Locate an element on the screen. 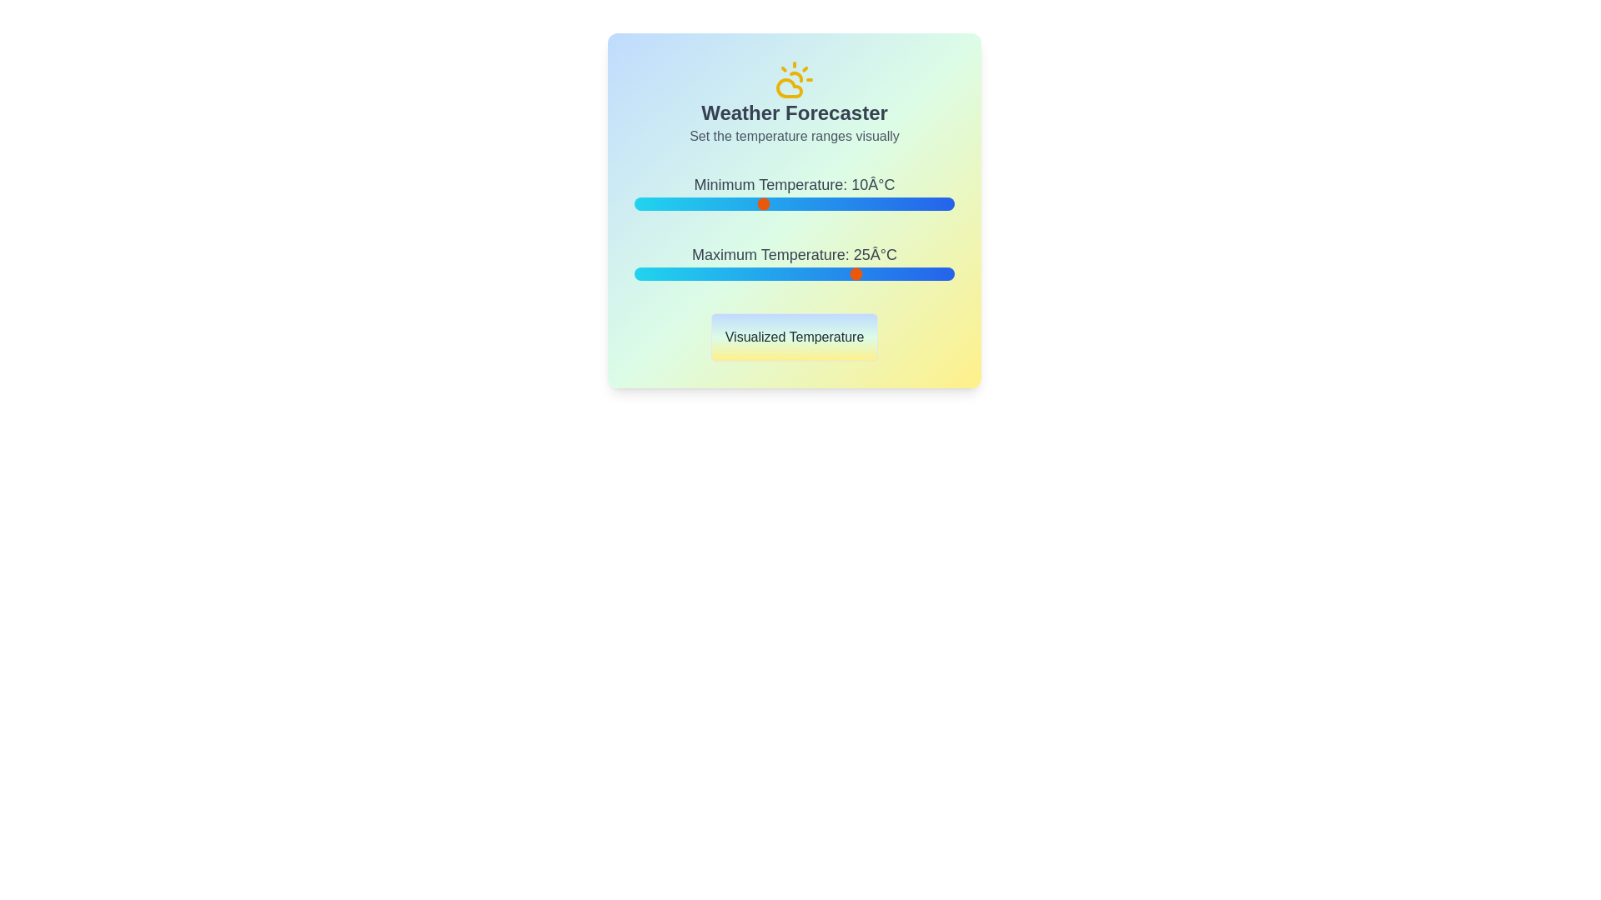  the 'Visualized Temperature' box to inspect its details is located at coordinates (794, 337).